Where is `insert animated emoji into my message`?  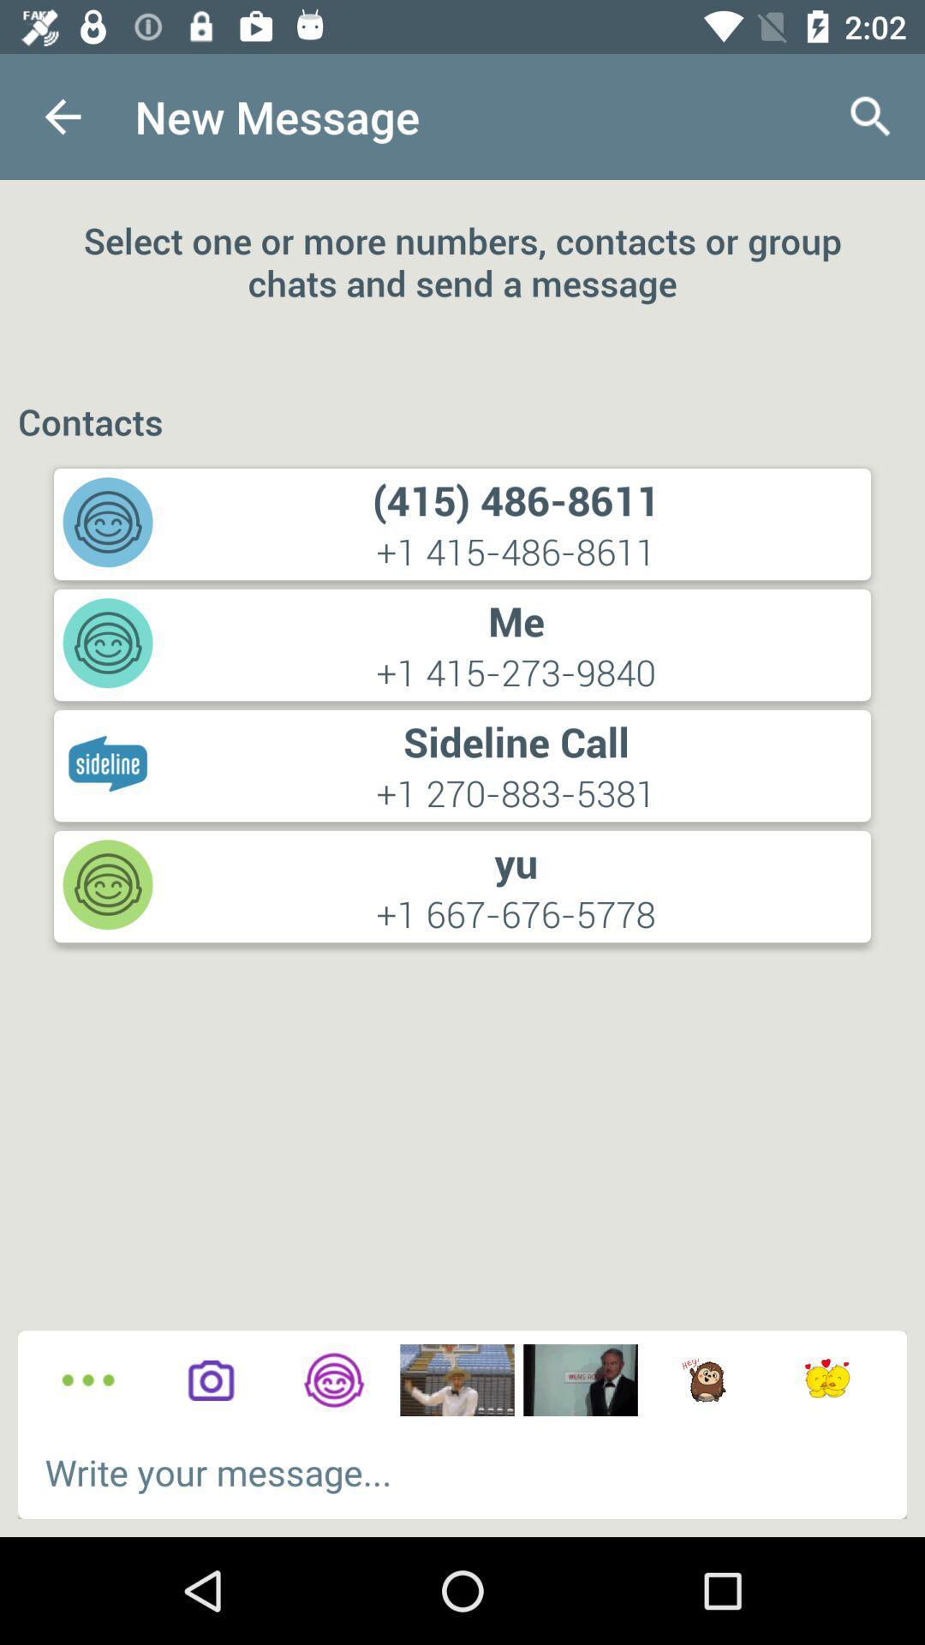 insert animated emoji into my message is located at coordinates (703, 1380).